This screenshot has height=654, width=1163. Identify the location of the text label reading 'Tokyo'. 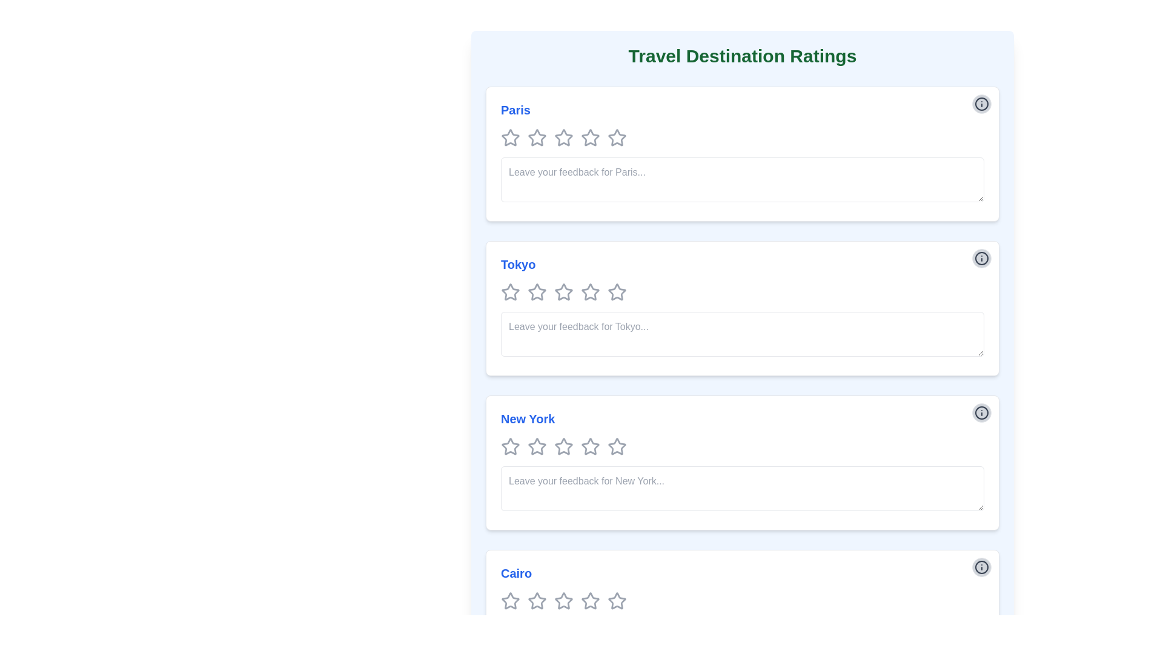
(518, 263).